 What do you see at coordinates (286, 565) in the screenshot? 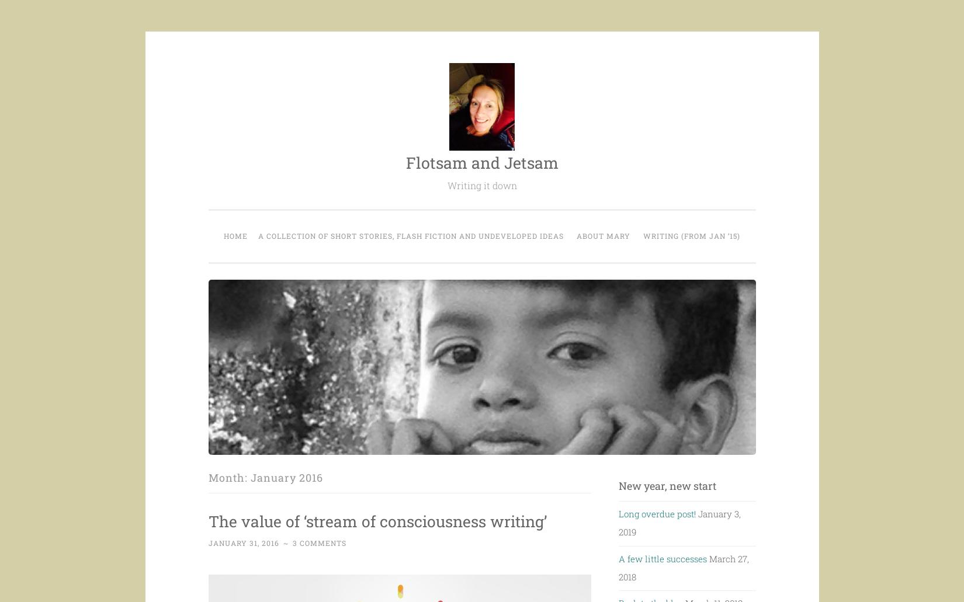
I see `'~'` at bounding box center [286, 565].